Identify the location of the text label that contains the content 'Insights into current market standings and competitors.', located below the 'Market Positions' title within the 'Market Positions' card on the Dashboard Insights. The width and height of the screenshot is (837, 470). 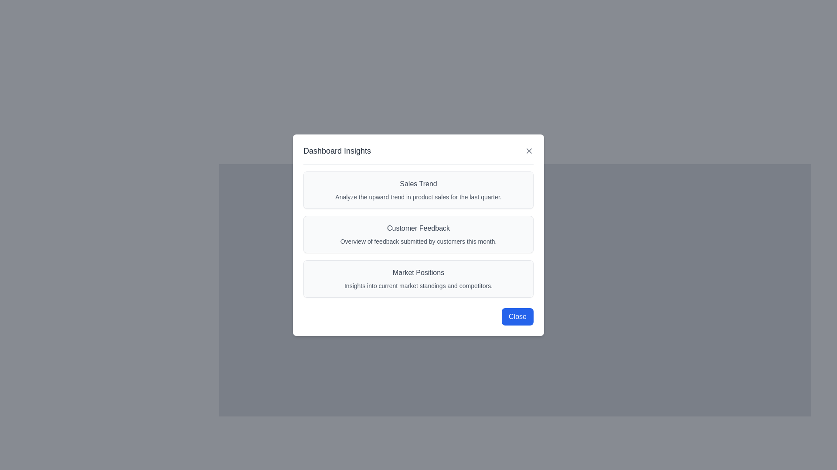
(418, 285).